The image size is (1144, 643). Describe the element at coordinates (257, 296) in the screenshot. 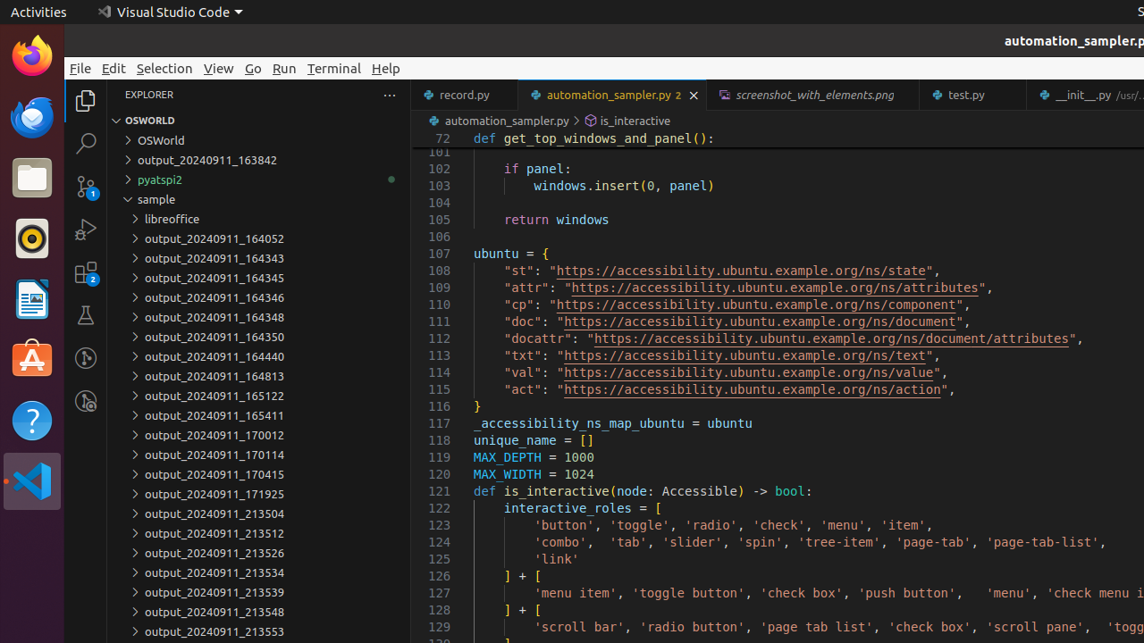

I see `'output_20240911_164346'` at that location.